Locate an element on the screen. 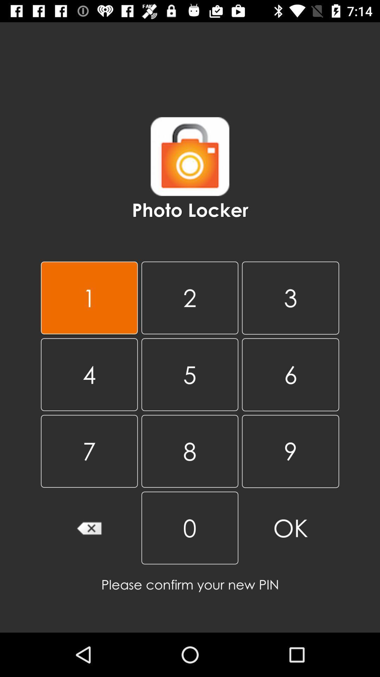 Image resolution: width=380 pixels, height=677 pixels. delete the entered input is located at coordinates (89, 528).